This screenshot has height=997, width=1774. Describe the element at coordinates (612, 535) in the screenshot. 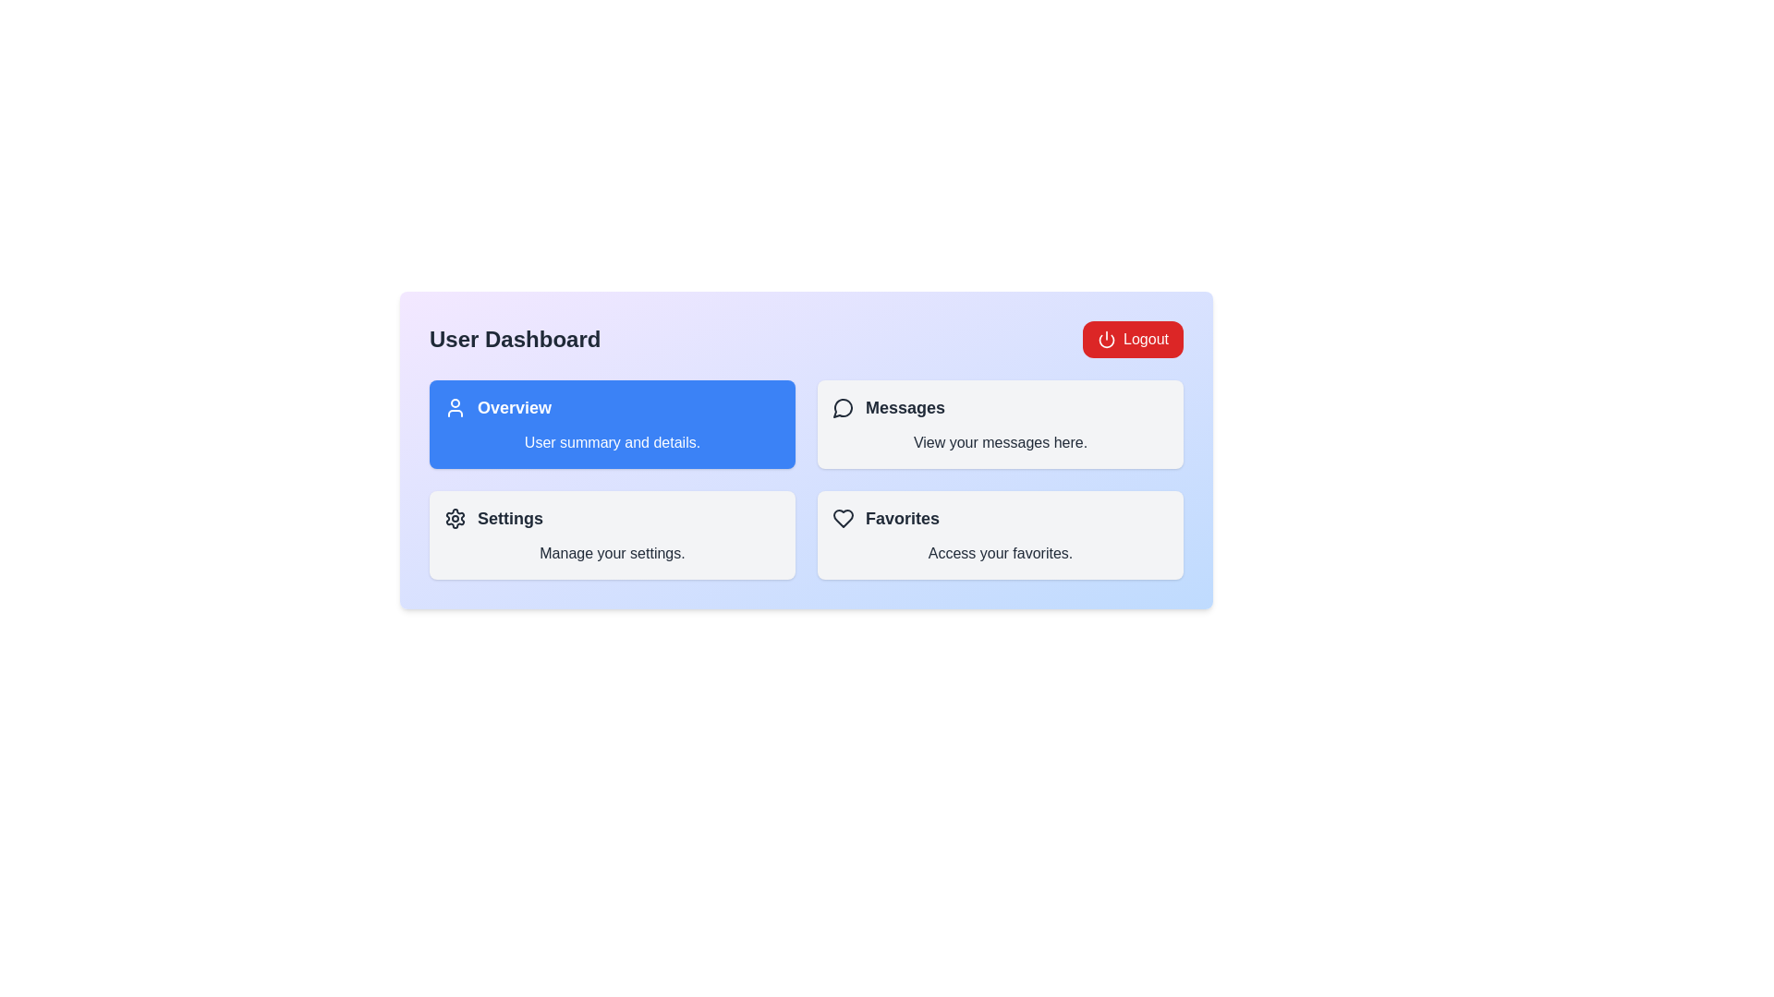

I see `the settings button located in the lower-left corner among a set of four similar cards, specifically the third card from the top left` at that location.